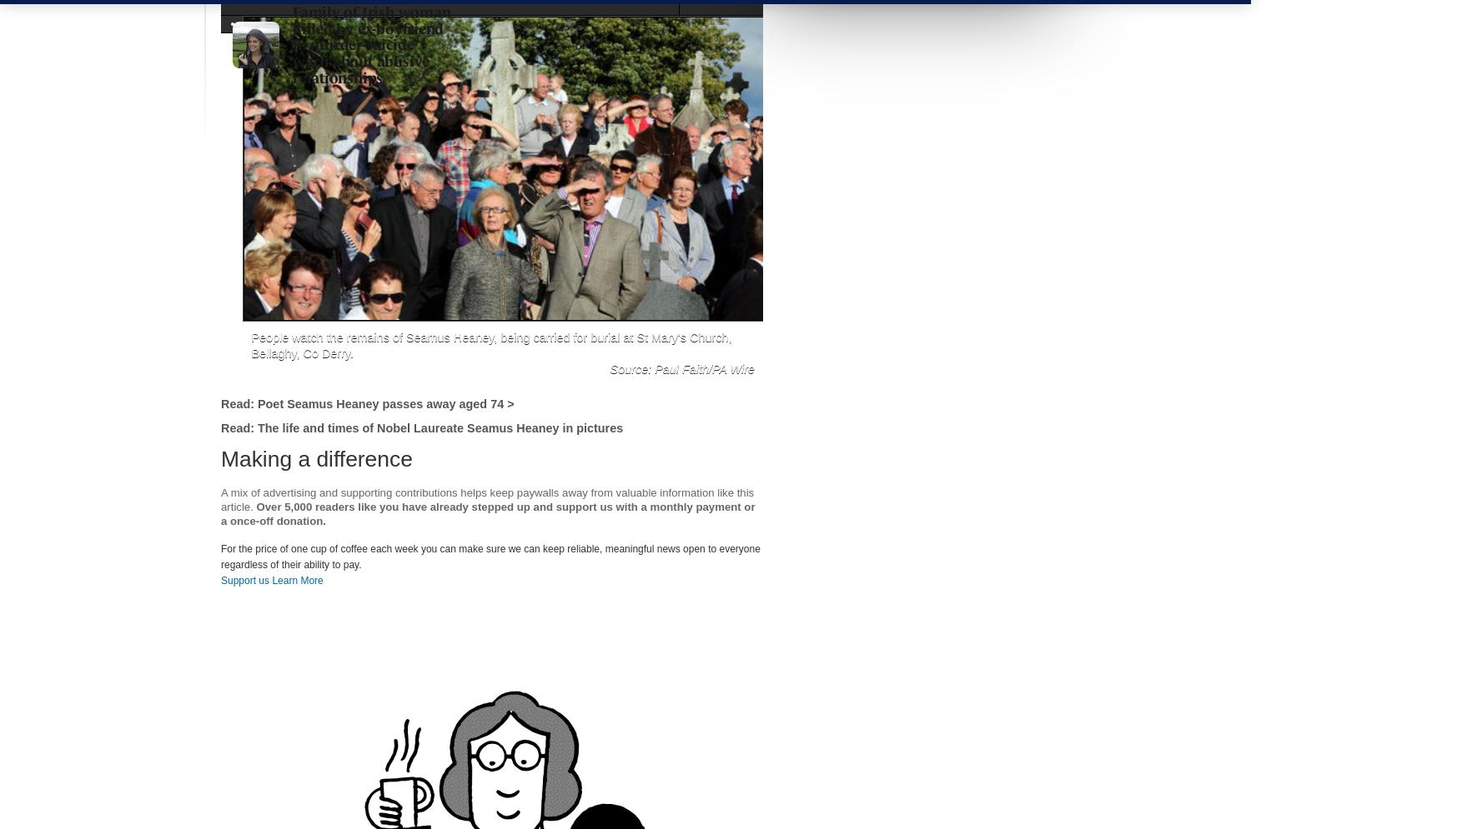 The image size is (1472, 829). Describe the element at coordinates (439, 427) in the screenshot. I see `'The life and times of Nobel Laureate Seamus Heaney in pictures'` at that location.